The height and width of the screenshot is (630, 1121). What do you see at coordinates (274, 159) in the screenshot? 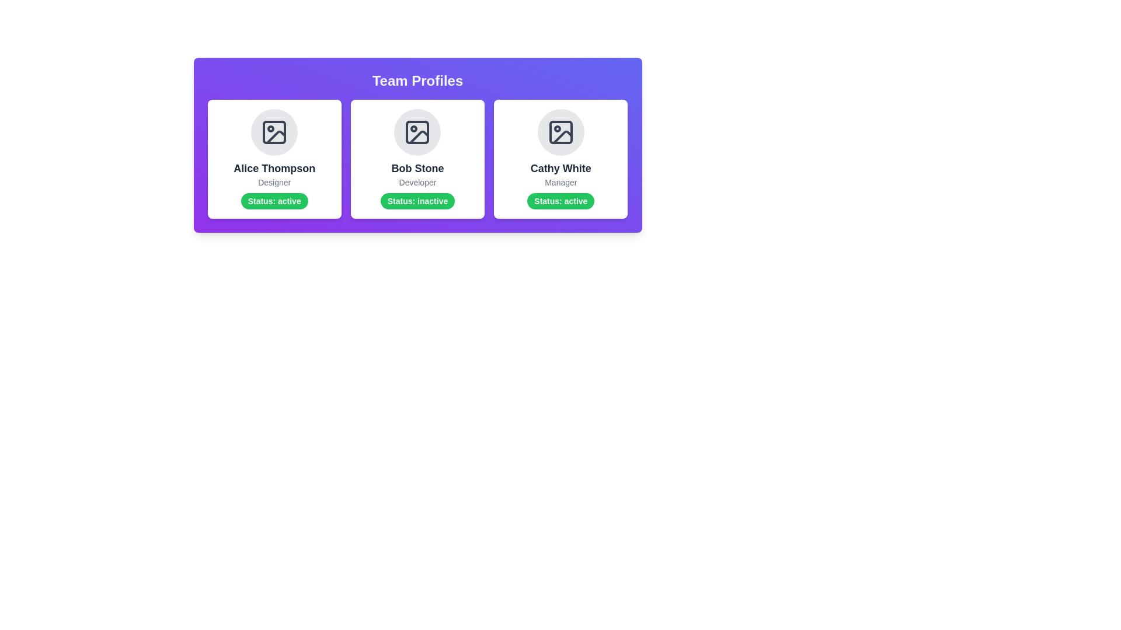
I see `the first Profile Card located in the top left corner of the horizontally aligned grid layout` at bounding box center [274, 159].